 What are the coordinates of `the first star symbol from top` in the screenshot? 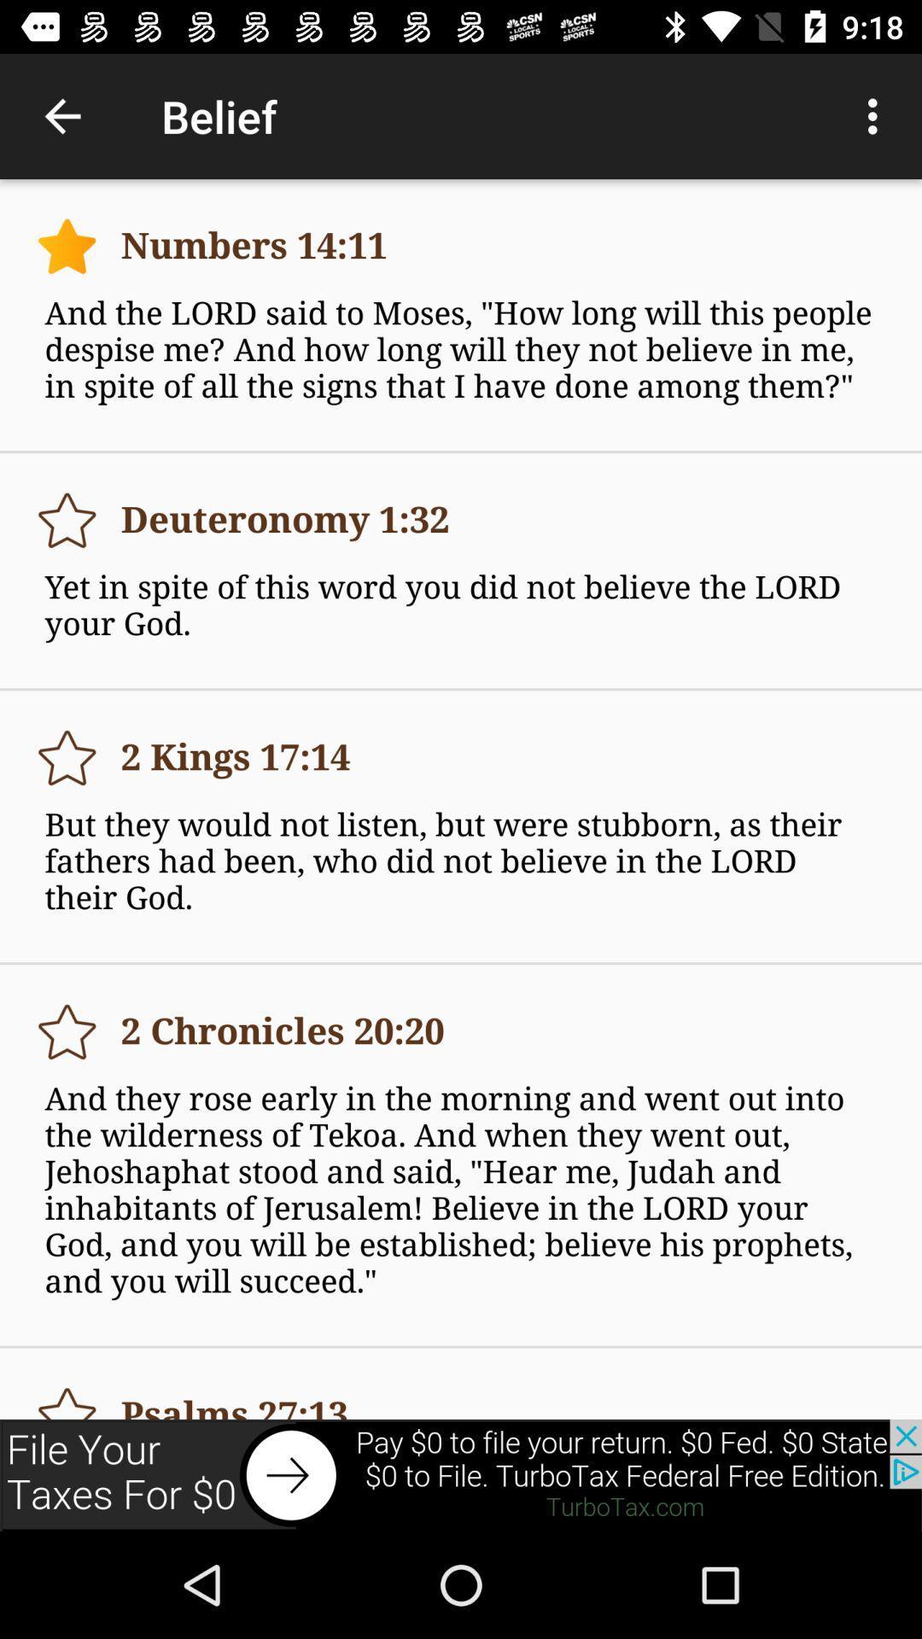 It's located at (66, 245).